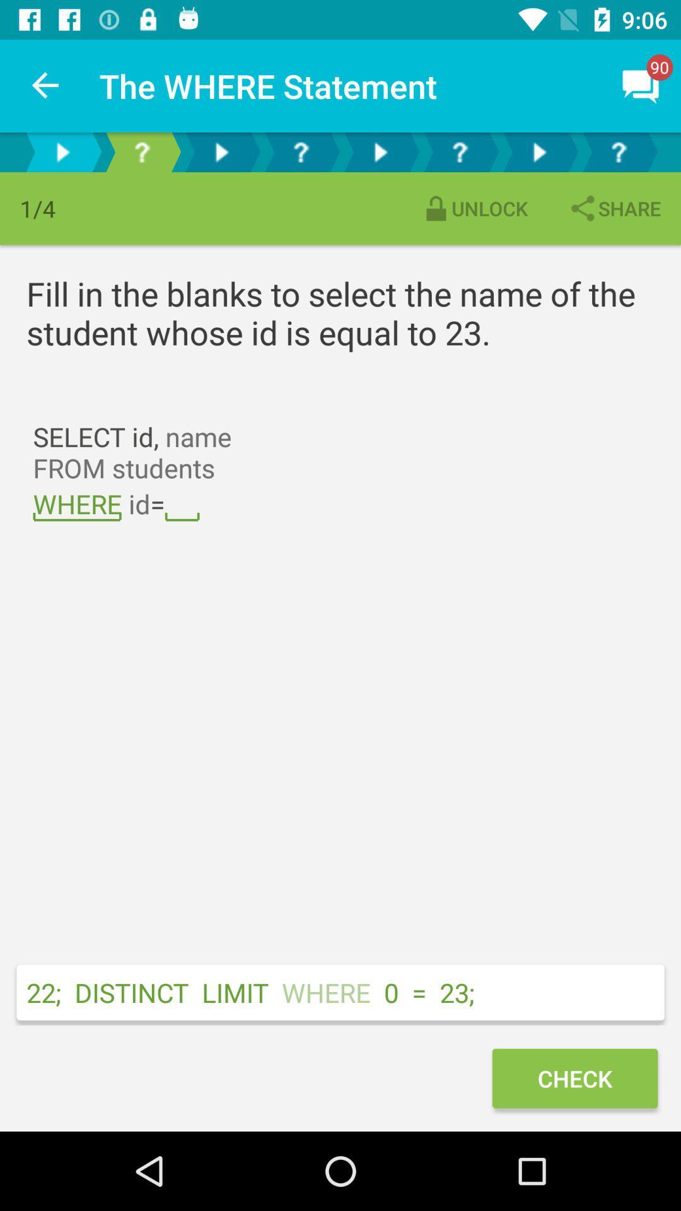 The width and height of the screenshot is (681, 1211). I want to click on the icon to the left of share icon, so click(474, 208).